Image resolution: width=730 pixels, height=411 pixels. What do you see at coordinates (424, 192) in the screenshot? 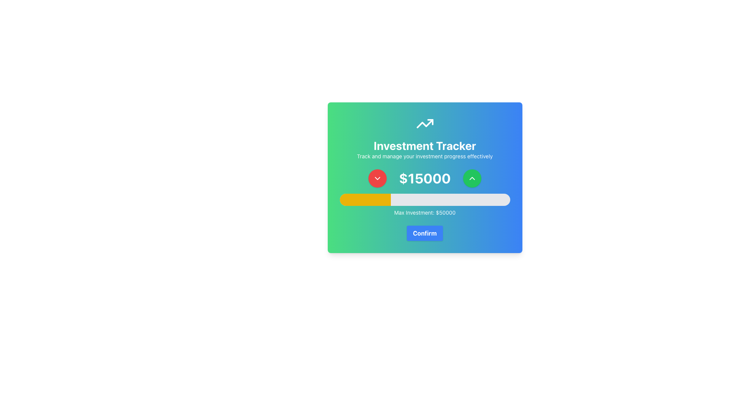
I see `the progress bar component labeled 'Max Investment: $50000', which visually indicates a 30% yellow fill, located in the lower section of the 'Investment Tracker' card` at bounding box center [424, 192].